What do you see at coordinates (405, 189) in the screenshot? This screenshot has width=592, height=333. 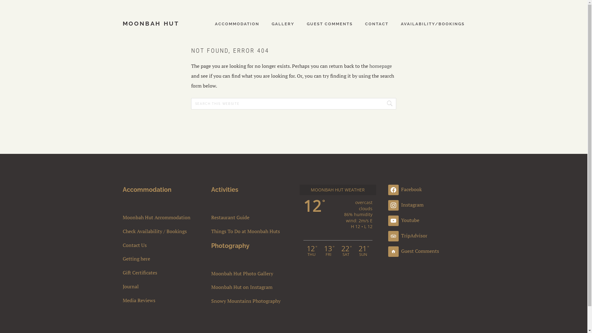 I see `'Facebook'` at bounding box center [405, 189].